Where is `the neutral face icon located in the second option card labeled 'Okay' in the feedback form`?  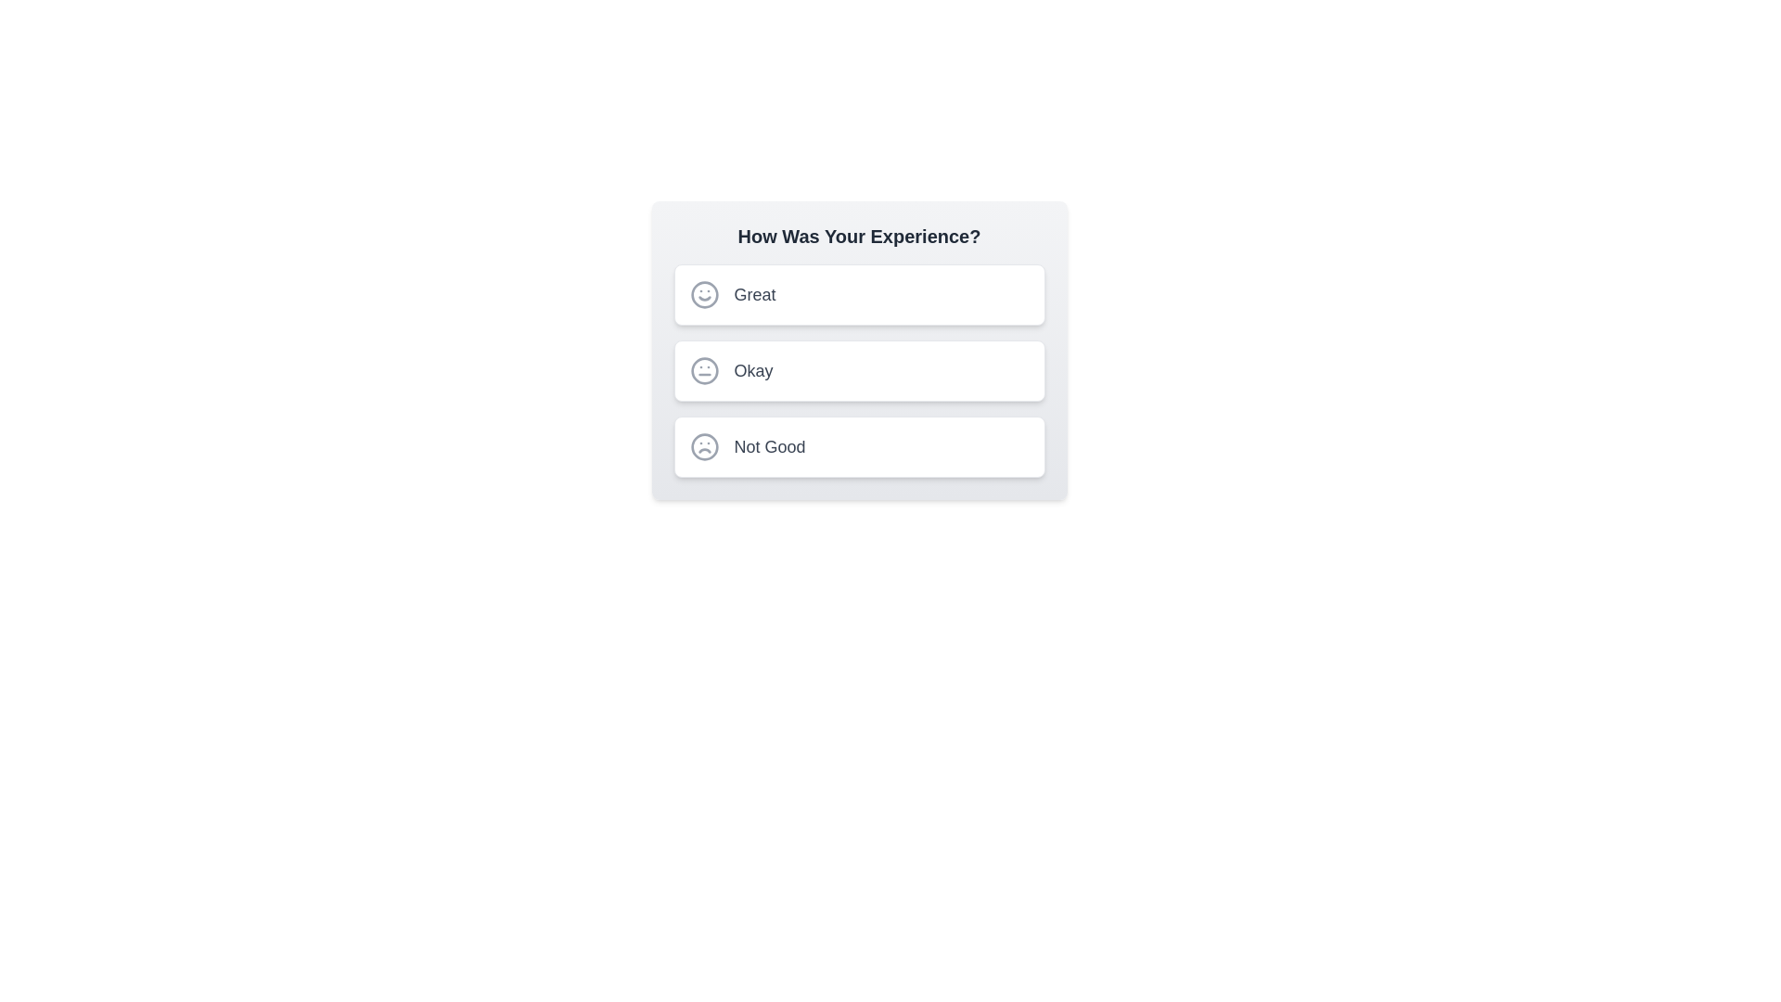
the neutral face icon located in the second option card labeled 'Okay' in the feedback form is located at coordinates (703, 371).